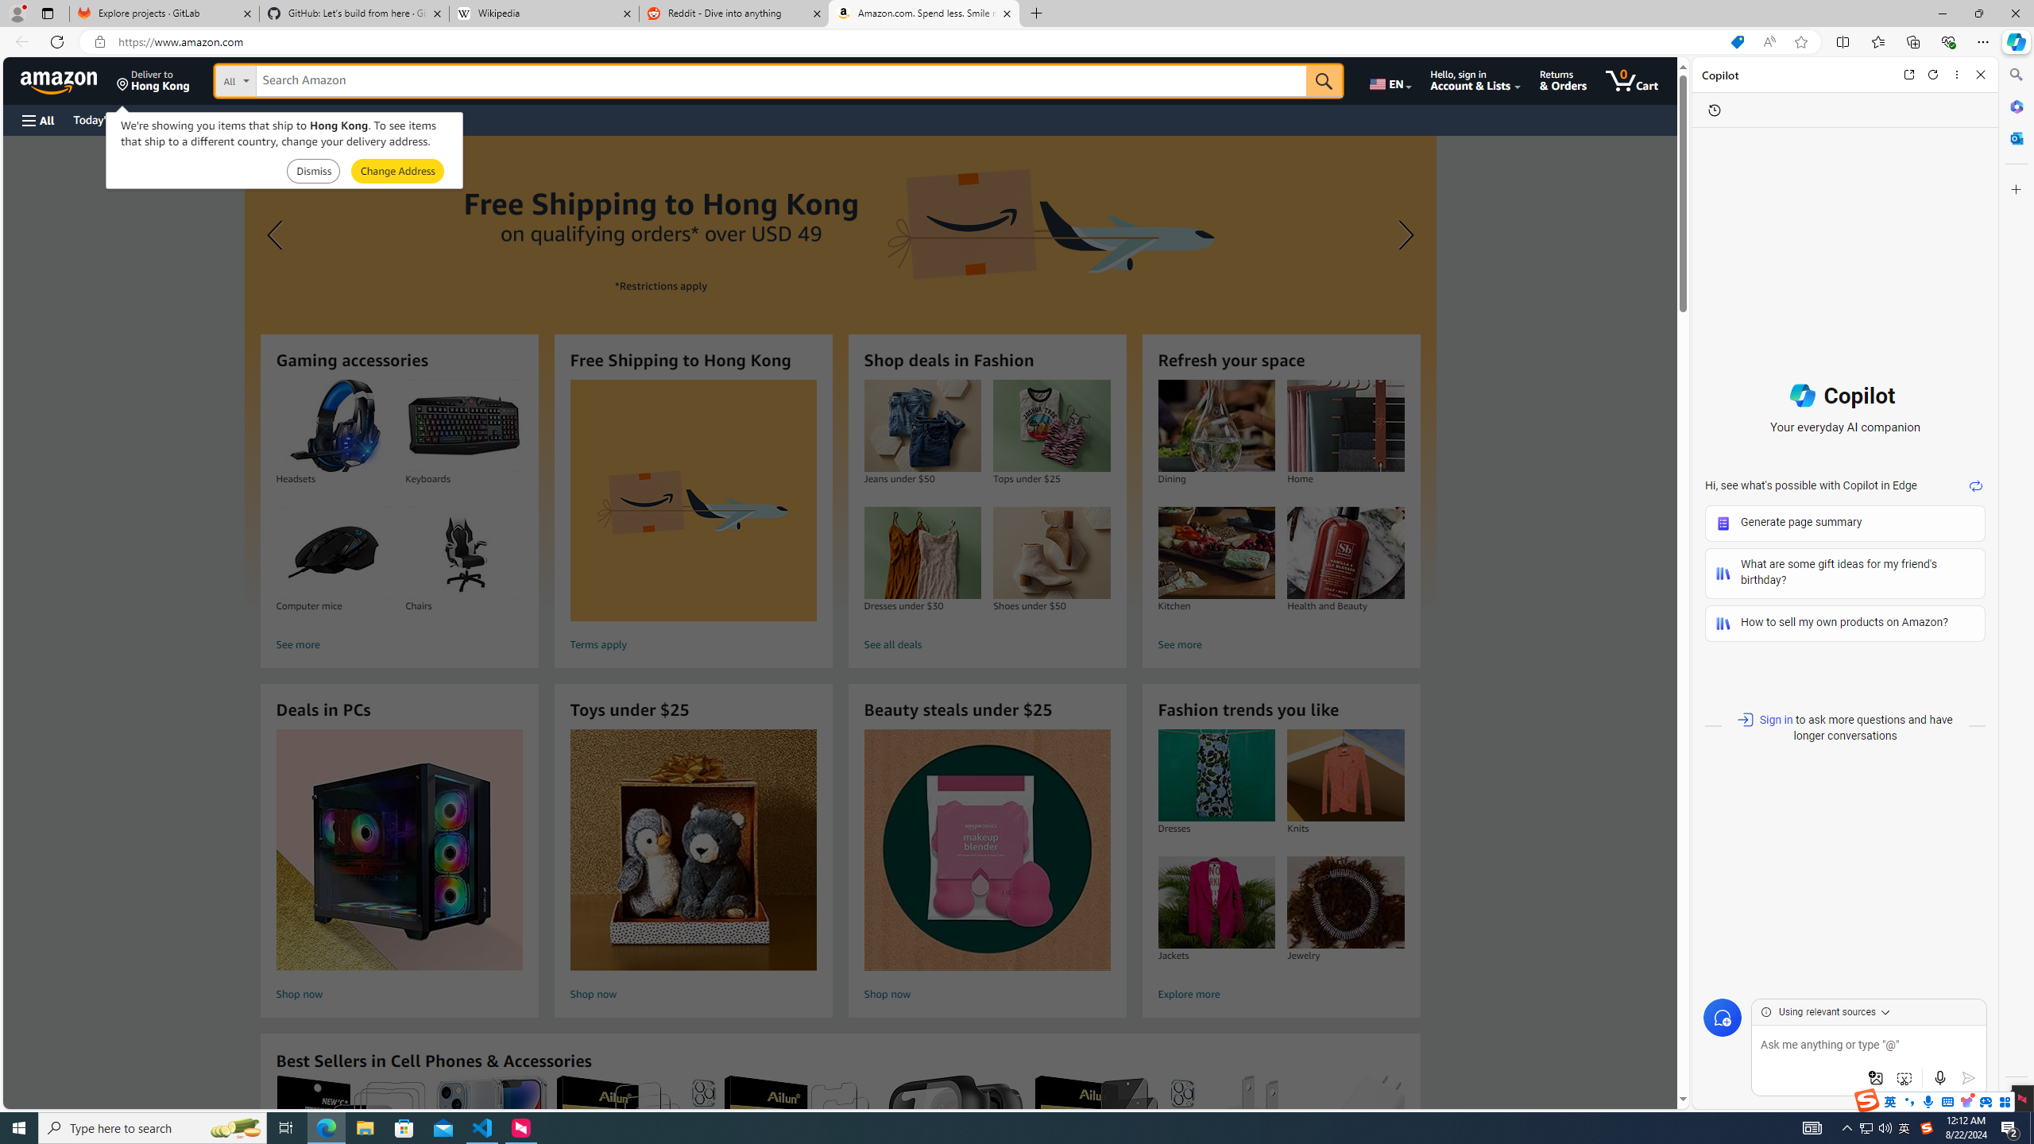 The height and width of the screenshot is (1144, 2034). Describe the element at coordinates (1345, 902) in the screenshot. I see `'Jewelry'` at that location.